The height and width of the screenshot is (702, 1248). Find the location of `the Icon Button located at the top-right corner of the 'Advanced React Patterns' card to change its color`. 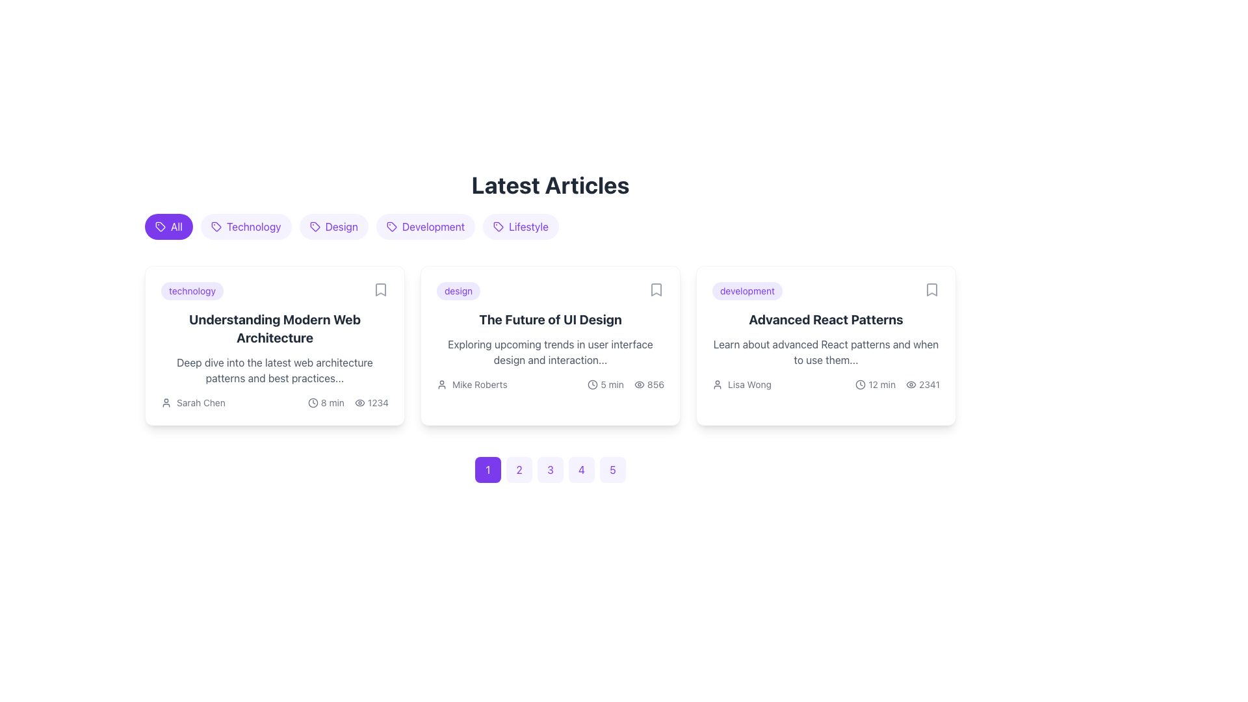

the Icon Button located at the top-right corner of the 'Advanced React Patterns' card to change its color is located at coordinates (931, 289).